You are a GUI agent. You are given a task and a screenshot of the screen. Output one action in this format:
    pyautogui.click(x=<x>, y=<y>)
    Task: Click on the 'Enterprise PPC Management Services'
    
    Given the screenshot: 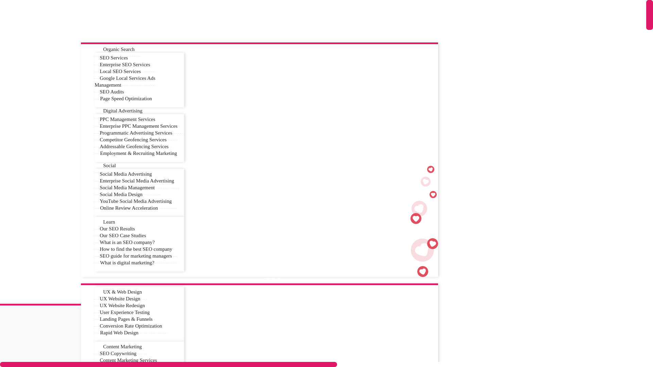 What is the action you would take?
    pyautogui.click(x=138, y=126)
    